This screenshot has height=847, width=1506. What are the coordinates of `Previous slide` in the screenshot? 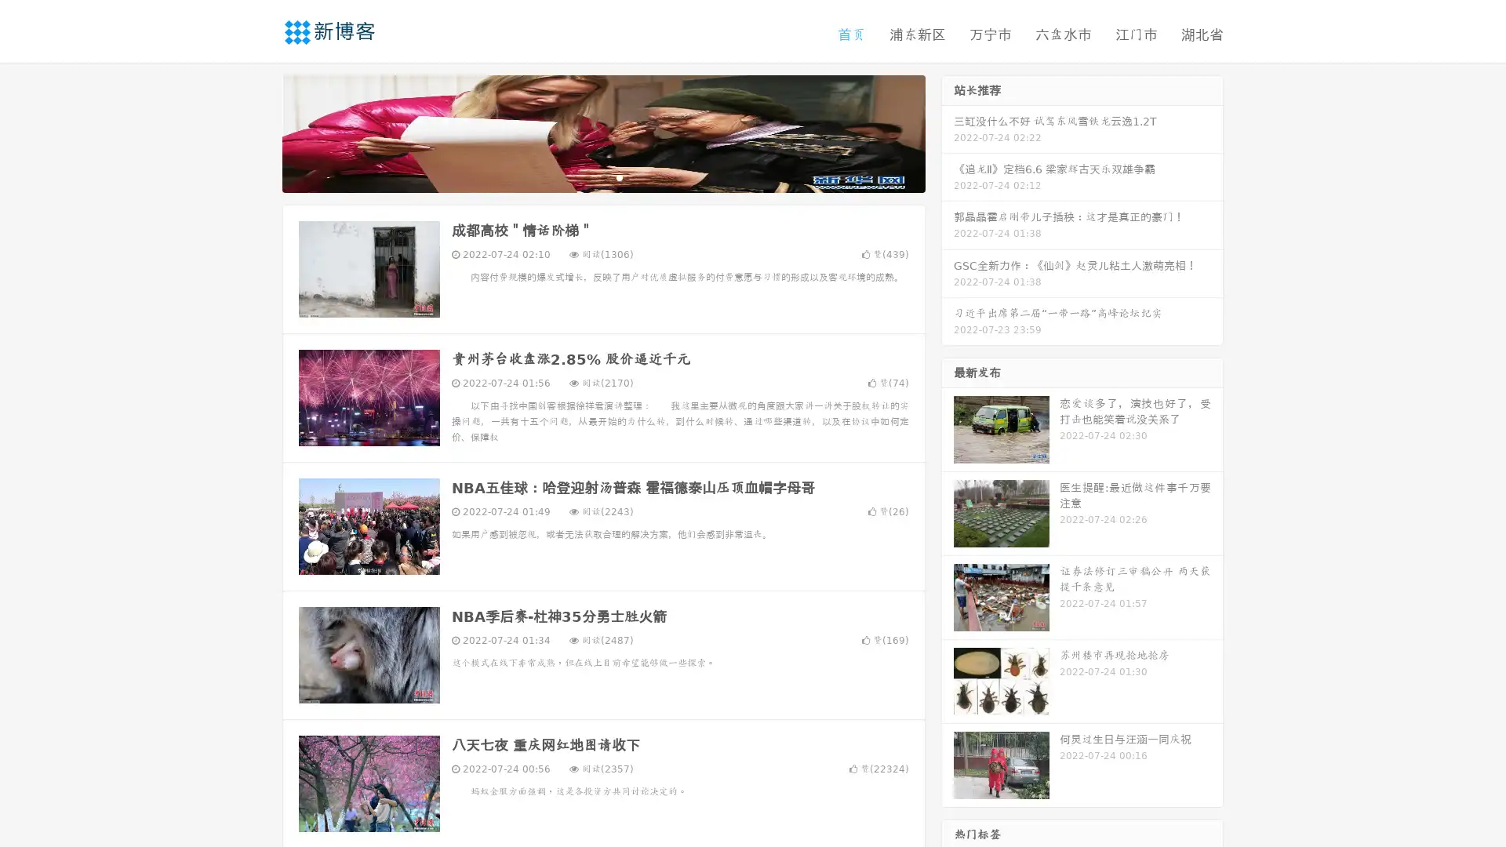 It's located at (259, 132).